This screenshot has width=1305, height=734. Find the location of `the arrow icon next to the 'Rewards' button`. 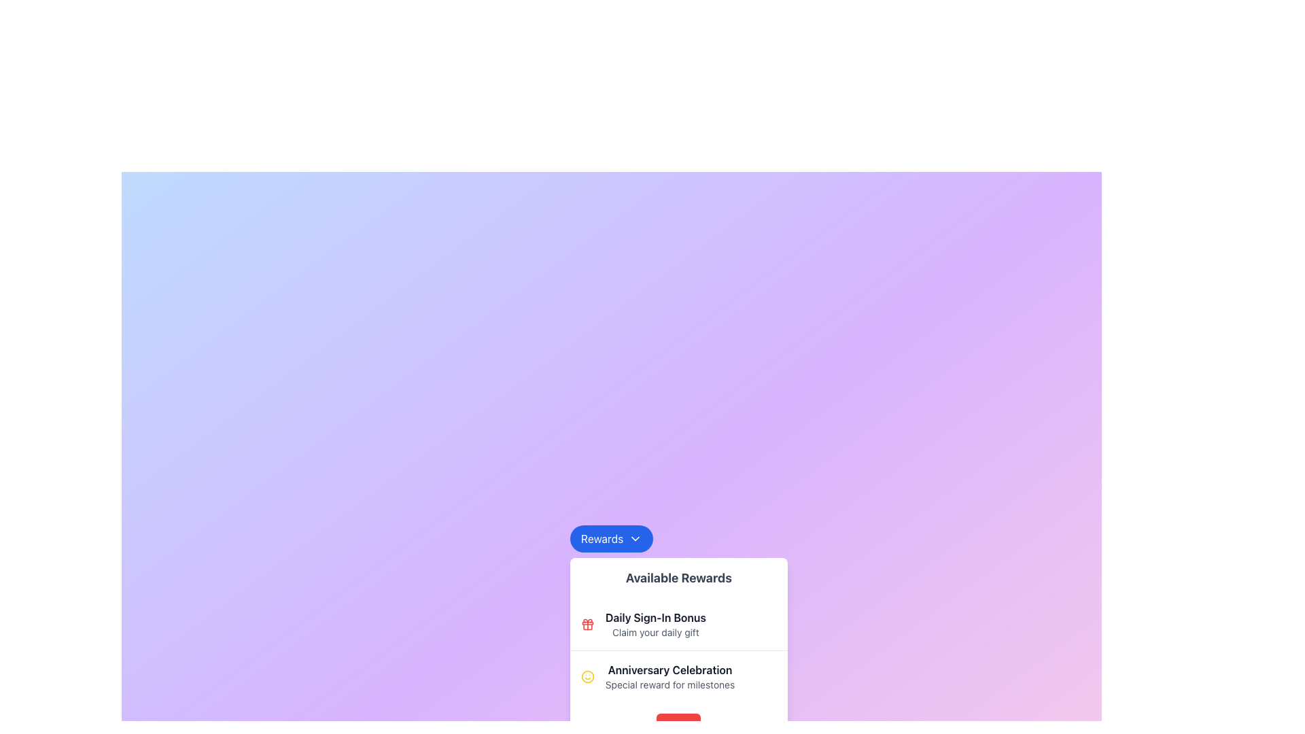

the arrow icon next to the 'Rewards' button is located at coordinates (635, 538).